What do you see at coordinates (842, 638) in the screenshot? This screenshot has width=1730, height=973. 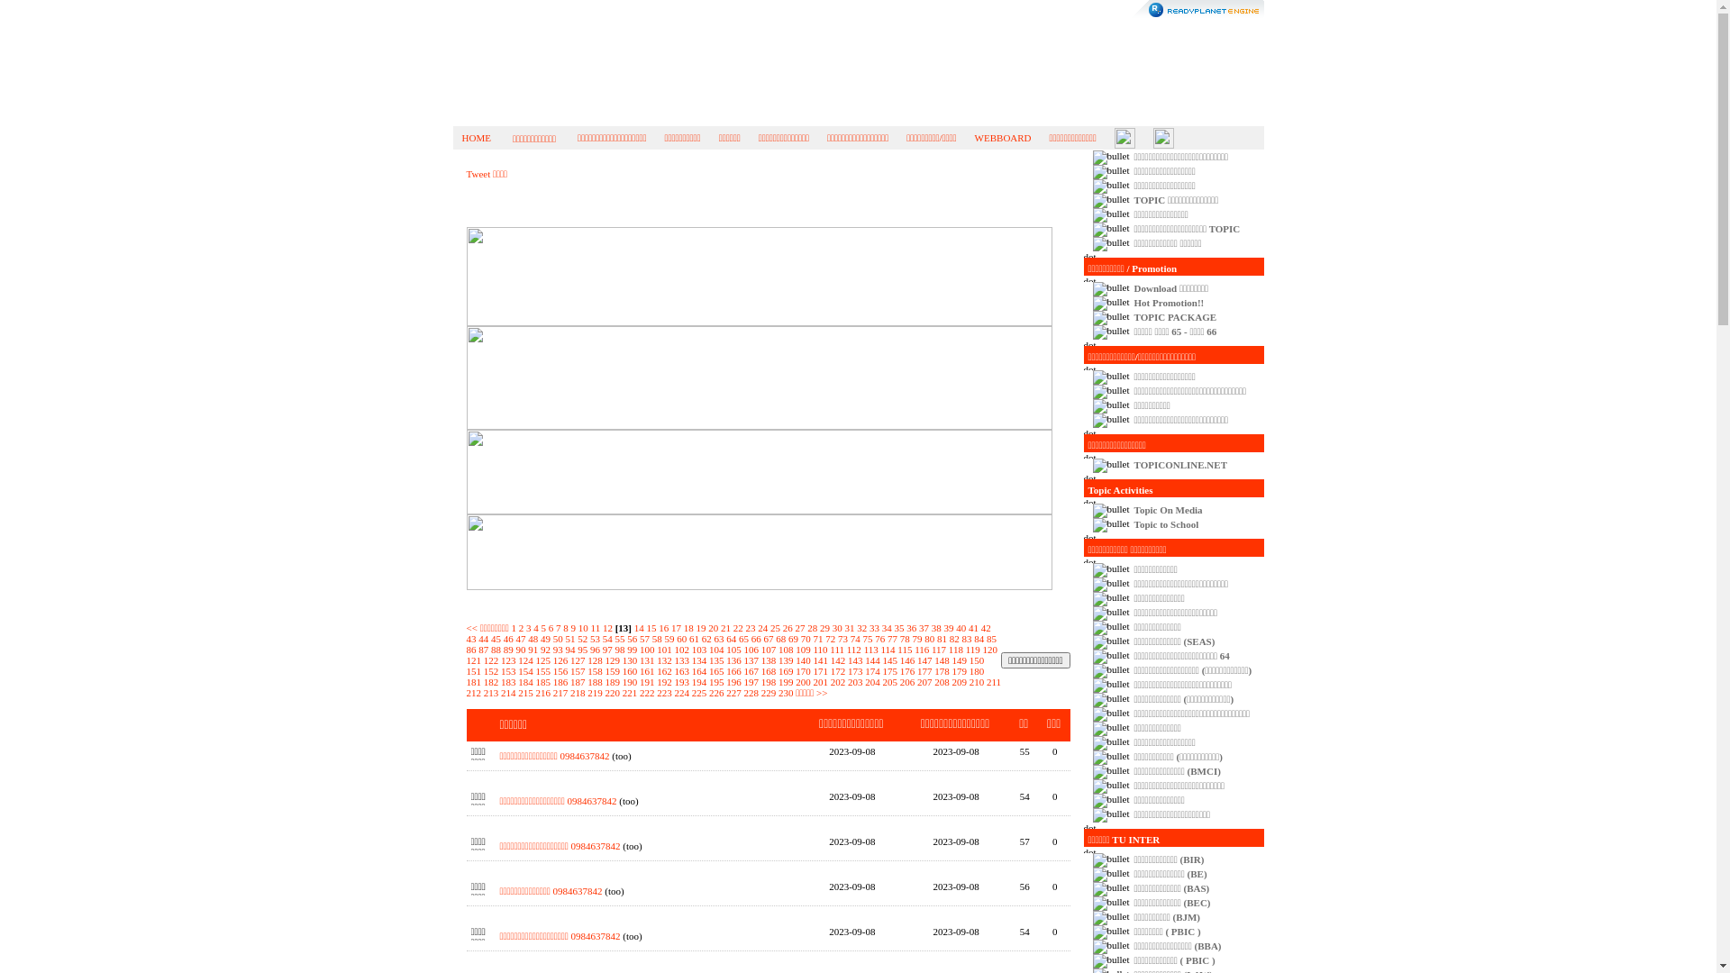 I see `'73'` at bounding box center [842, 638].